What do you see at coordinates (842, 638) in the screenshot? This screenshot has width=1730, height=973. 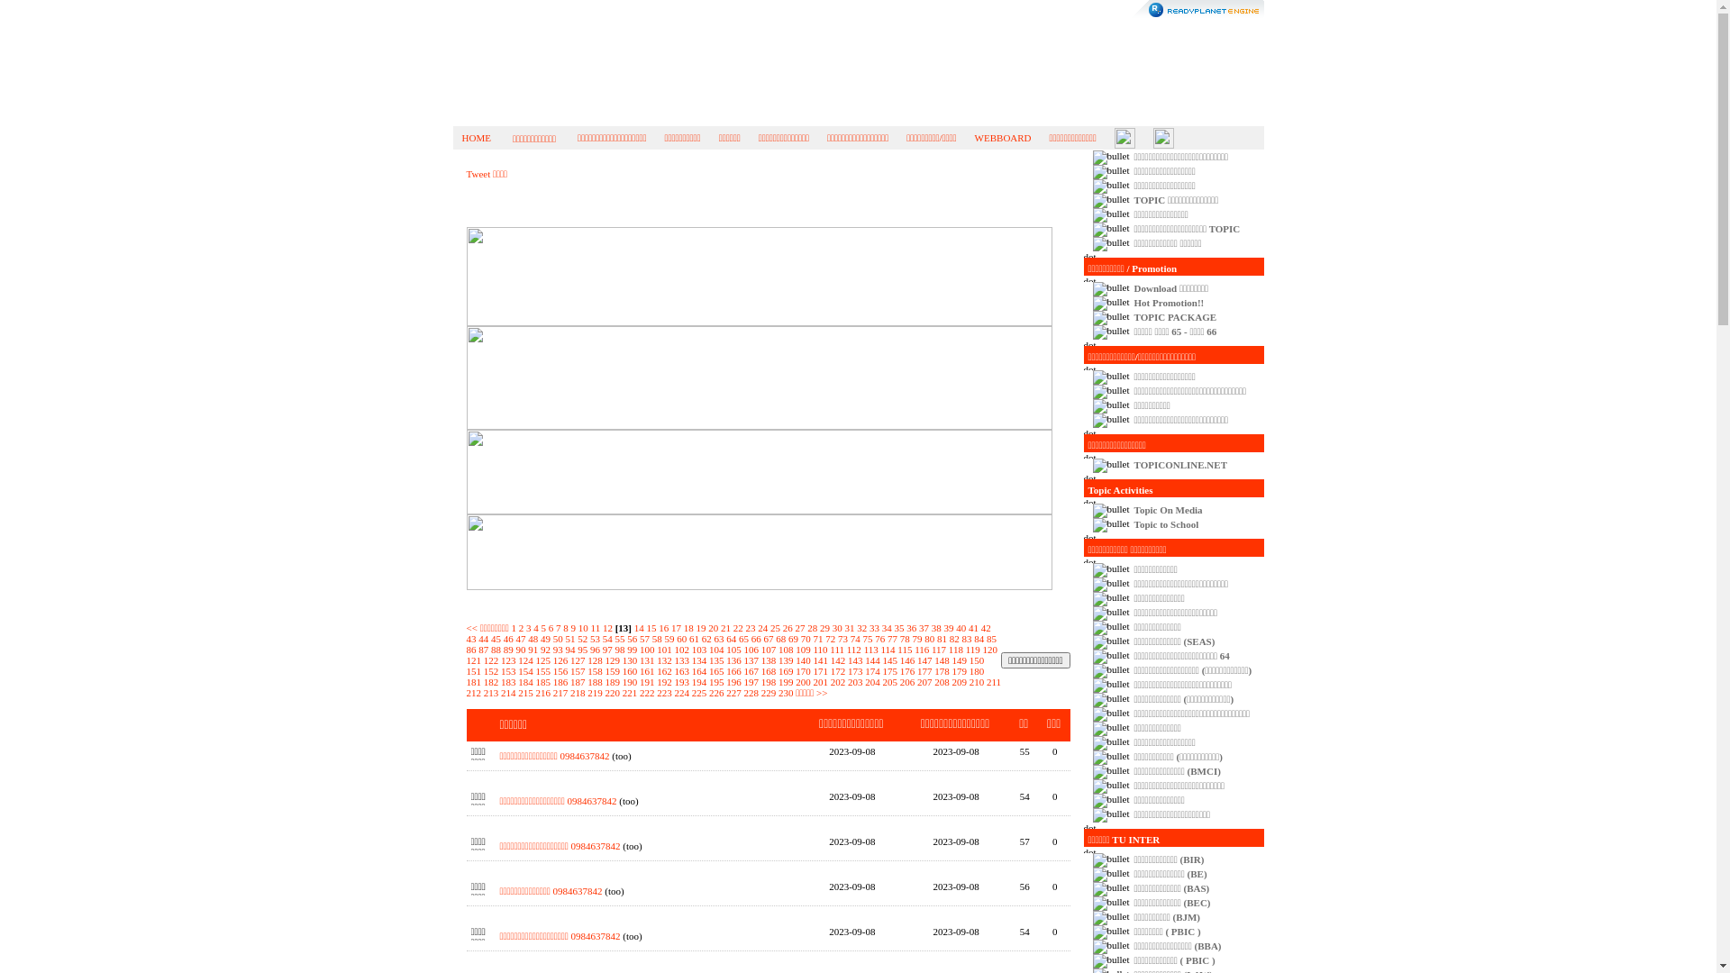 I see `'73'` at bounding box center [842, 638].